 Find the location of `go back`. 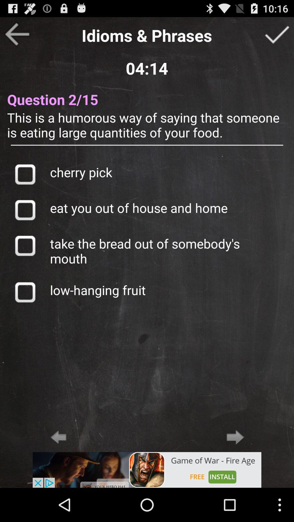

go back is located at coordinates (17, 34).